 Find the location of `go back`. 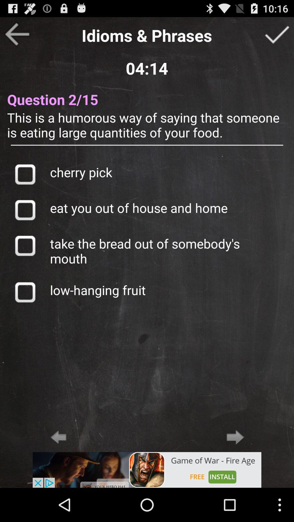

go back is located at coordinates (17, 34).